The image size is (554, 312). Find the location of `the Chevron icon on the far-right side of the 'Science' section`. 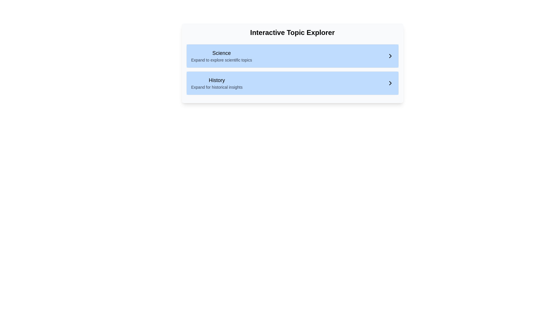

the Chevron icon on the far-right side of the 'Science' section is located at coordinates (390, 56).